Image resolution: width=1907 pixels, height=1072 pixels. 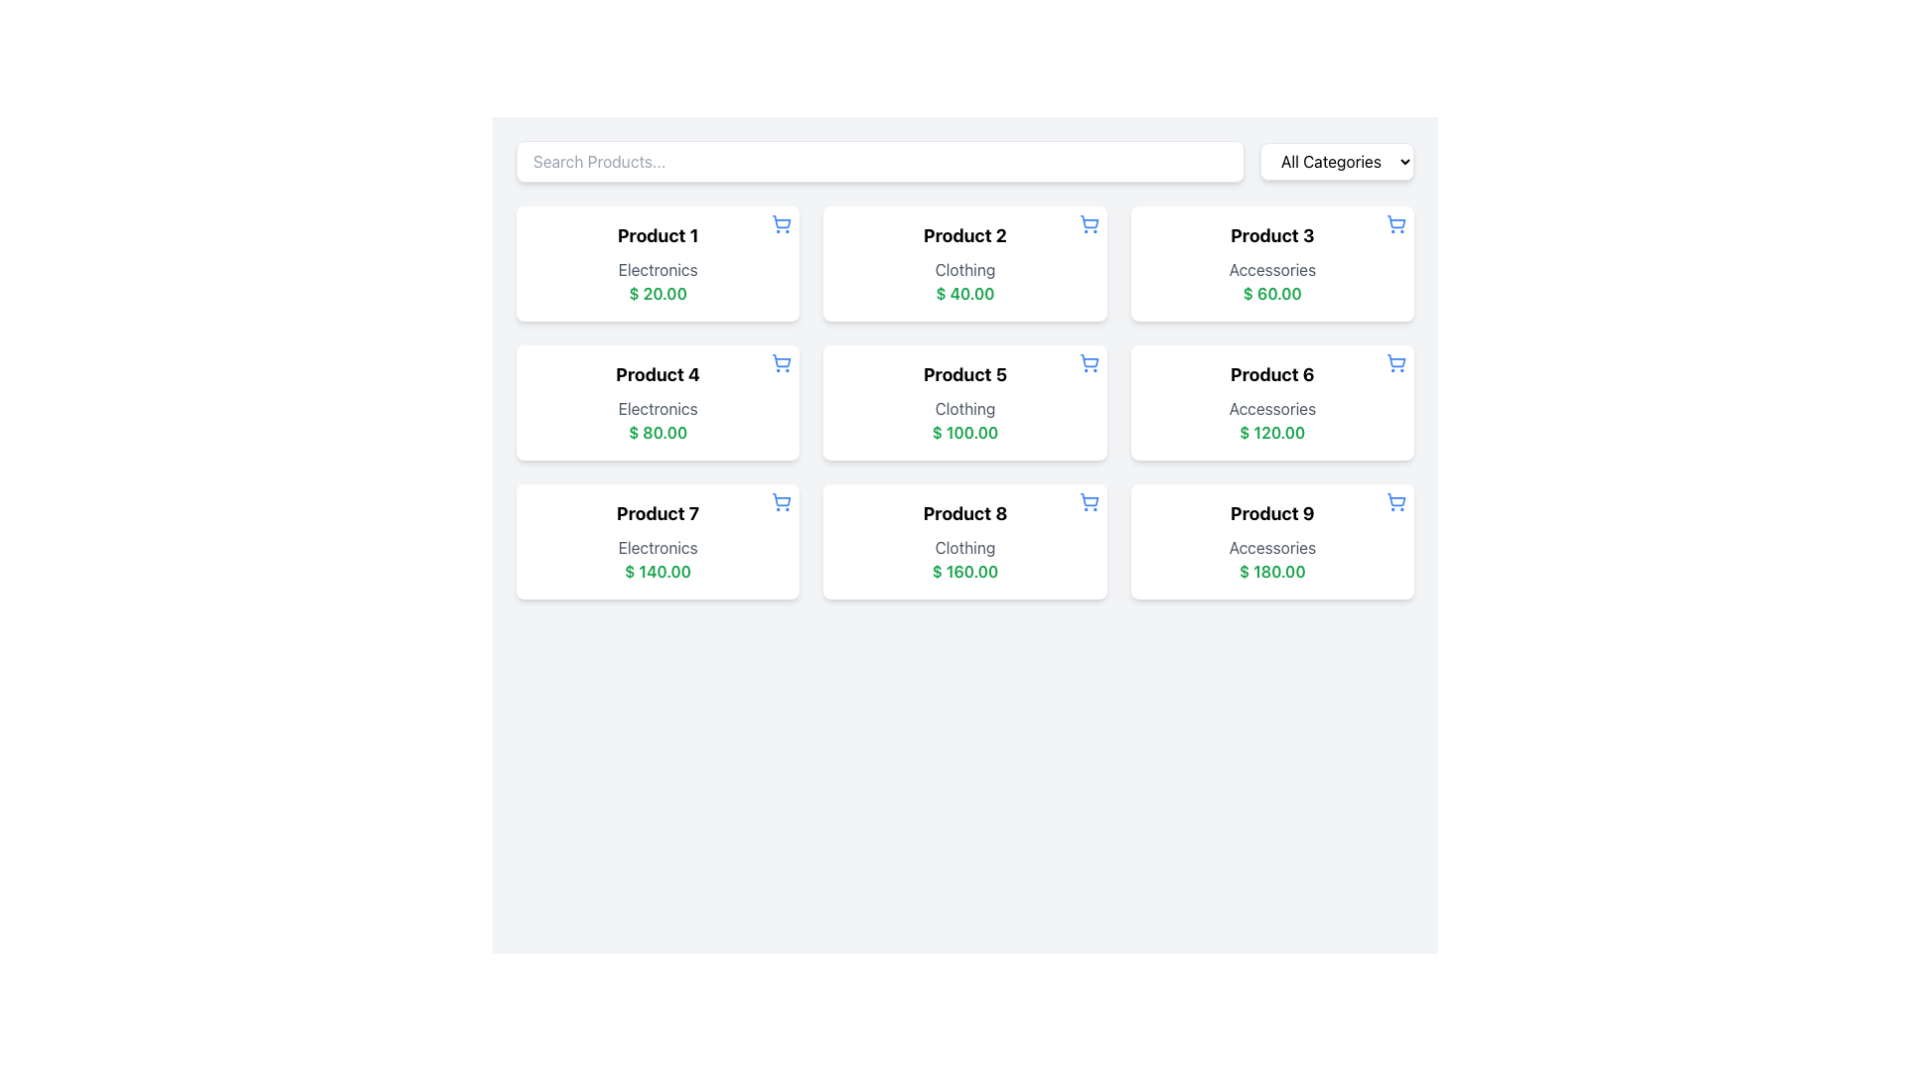 I want to click on the text displaying the price '$ 120.00' styled in a green, bold font, located at the bottom of the card for 'Product 6' in the rightmost column of the second row, so click(x=1272, y=431).